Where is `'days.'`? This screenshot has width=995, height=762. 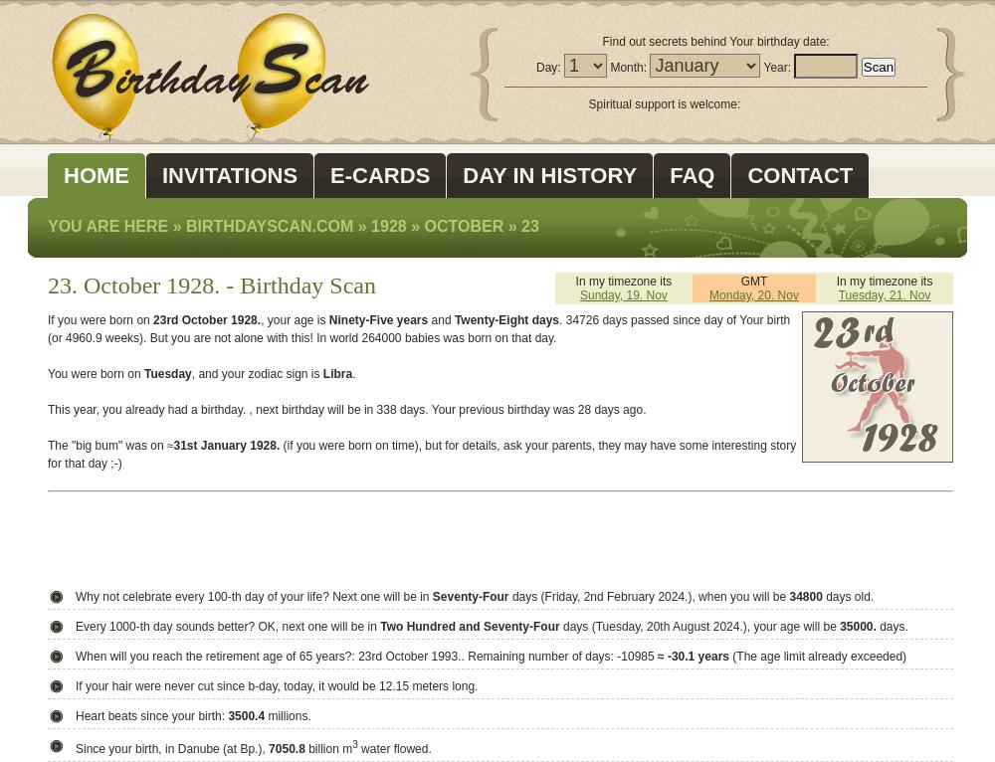
'days.' is located at coordinates (892, 626).